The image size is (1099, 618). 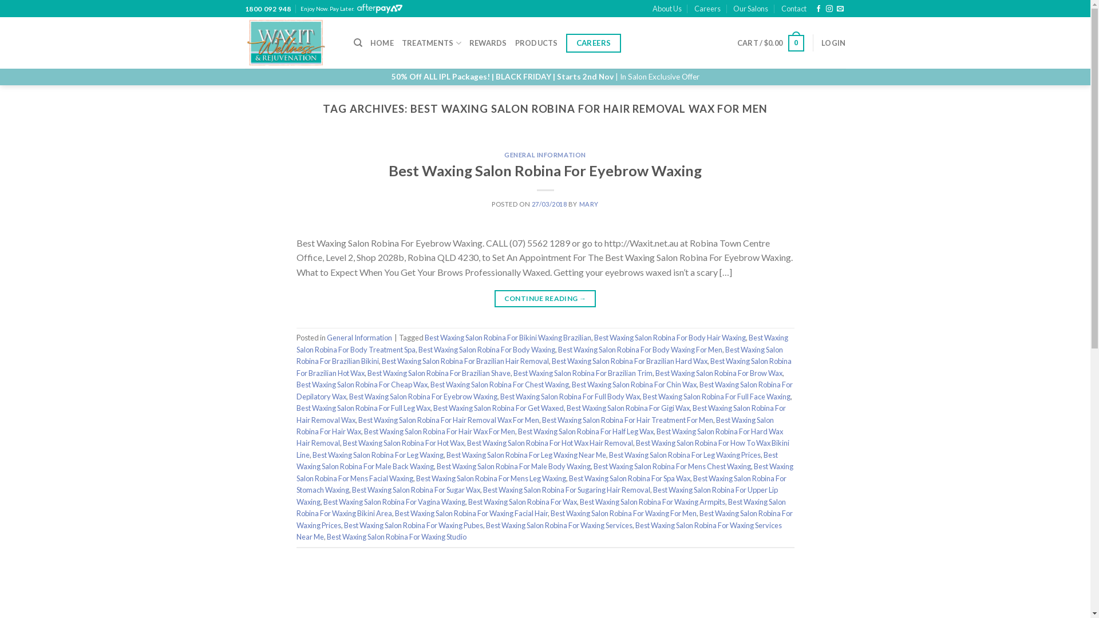 What do you see at coordinates (396, 536) in the screenshot?
I see `'Best Waxing Salon Robina For Waxing Studio'` at bounding box center [396, 536].